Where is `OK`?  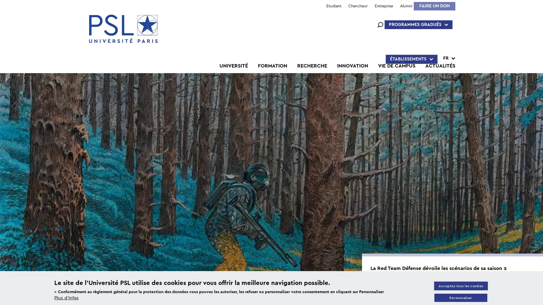 OK is located at coordinates (401, 210).